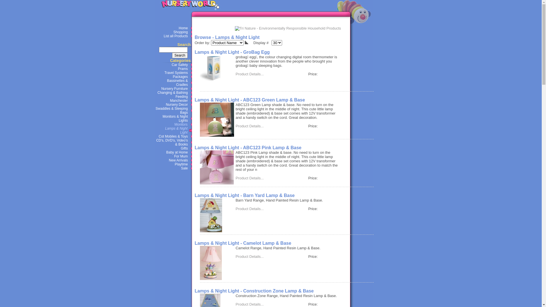  What do you see at coordinates (173, 104) in the screenshot?
I see `'Nursery Decor'` at bounding box center [173, 104].